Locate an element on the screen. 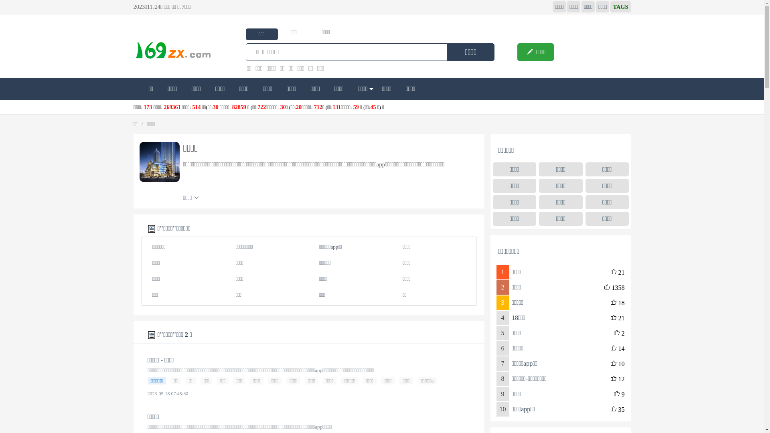 The width and height of the screenshot is (770, 433). 'TAGS' is located at coordinates (620, 6).